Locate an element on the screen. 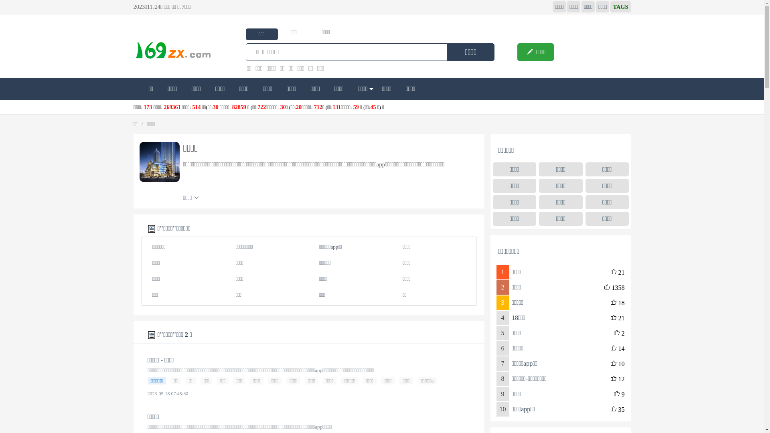 The width and height of the screenshot is (770, 433). 'TAGS' is located at coordinates (620, 6).